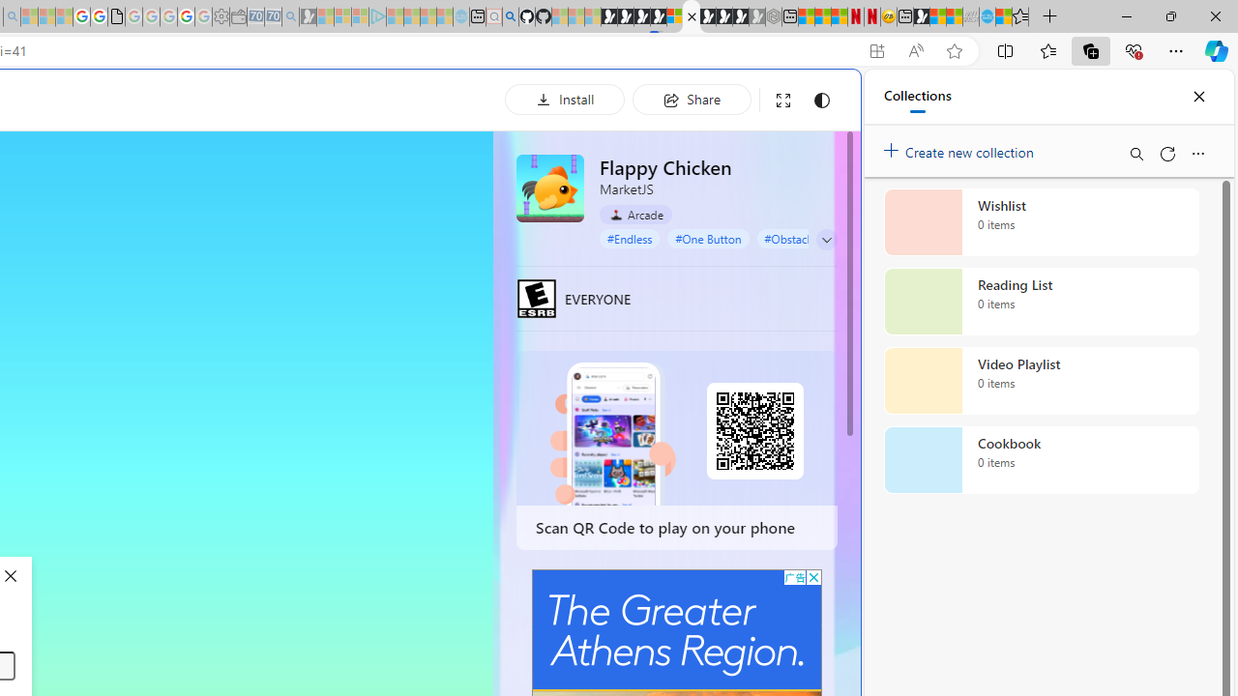 This screenshot has width=1238, height=696. Describe the element at coordinates (707, 237) in the screenshot. I see `'#One Button'` at that location.